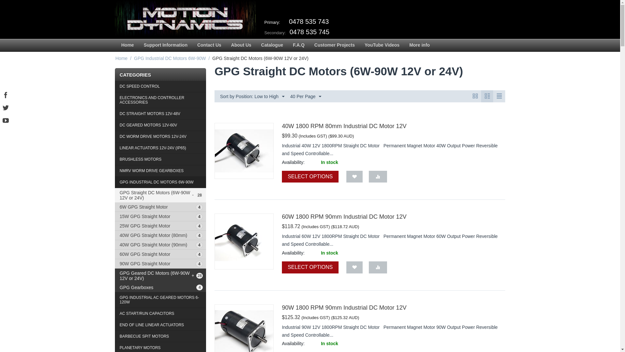 Image resolution: width=625 pixels, height=352 pixels. I want to click on 'GPG INDUSTRIAL DC MOTORS 6W-90W', so click(160, 182).